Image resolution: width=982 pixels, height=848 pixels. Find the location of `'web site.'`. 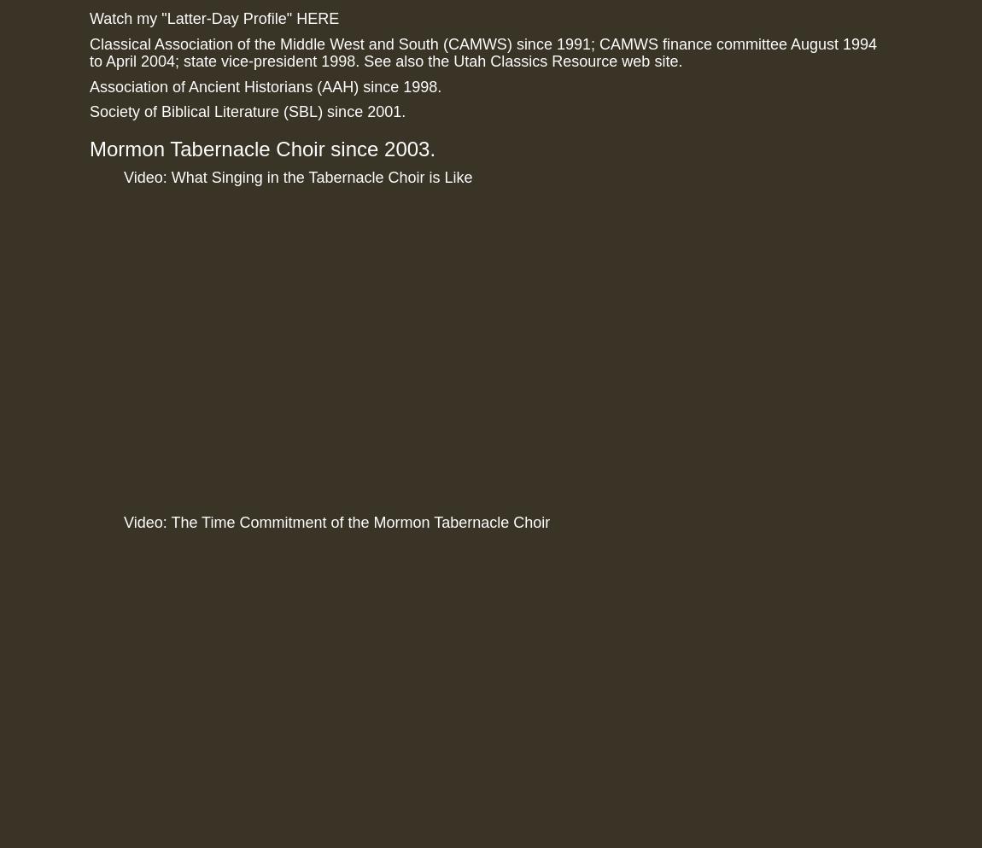

'web site.' is located at coordinates (648, 60).